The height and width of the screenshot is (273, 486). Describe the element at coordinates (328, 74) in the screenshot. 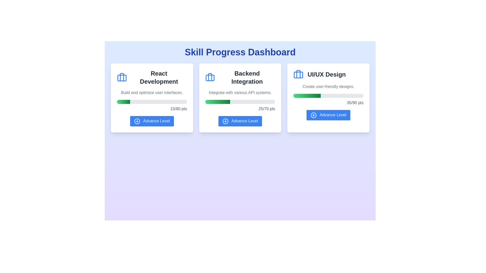

I see `text content of the title label located in the top-left corner of the rightmost card in a row of three cards on the dashboard, which describes UI/UX design` at that location.